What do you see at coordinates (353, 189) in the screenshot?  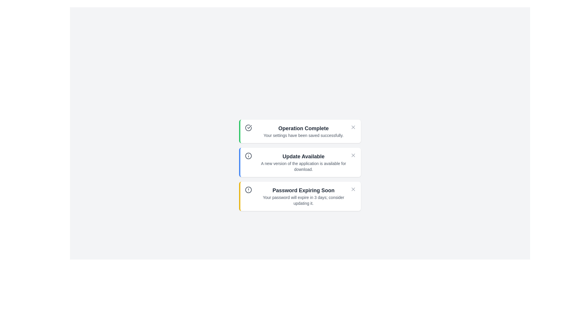 I see `the close button ('X') in the top-right corner of the 'Password Expiring Soon' notification card` at bounding box center [353, 189].